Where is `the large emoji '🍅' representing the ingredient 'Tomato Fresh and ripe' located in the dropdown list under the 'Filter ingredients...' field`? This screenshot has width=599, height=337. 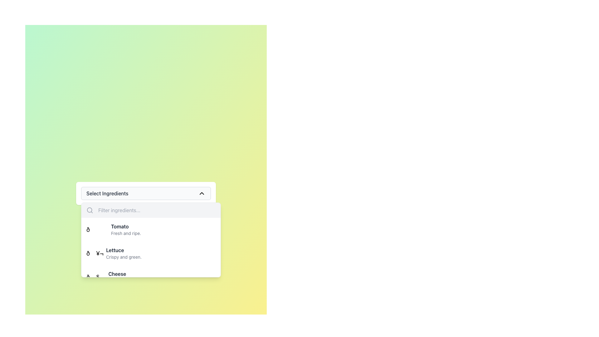
the large emoji '🍅' representing the ingredient 'Tomato Fresh and ripe' located in the dropdown list under the 'Filter ingredients...' field is located at coordinates (97, 230).